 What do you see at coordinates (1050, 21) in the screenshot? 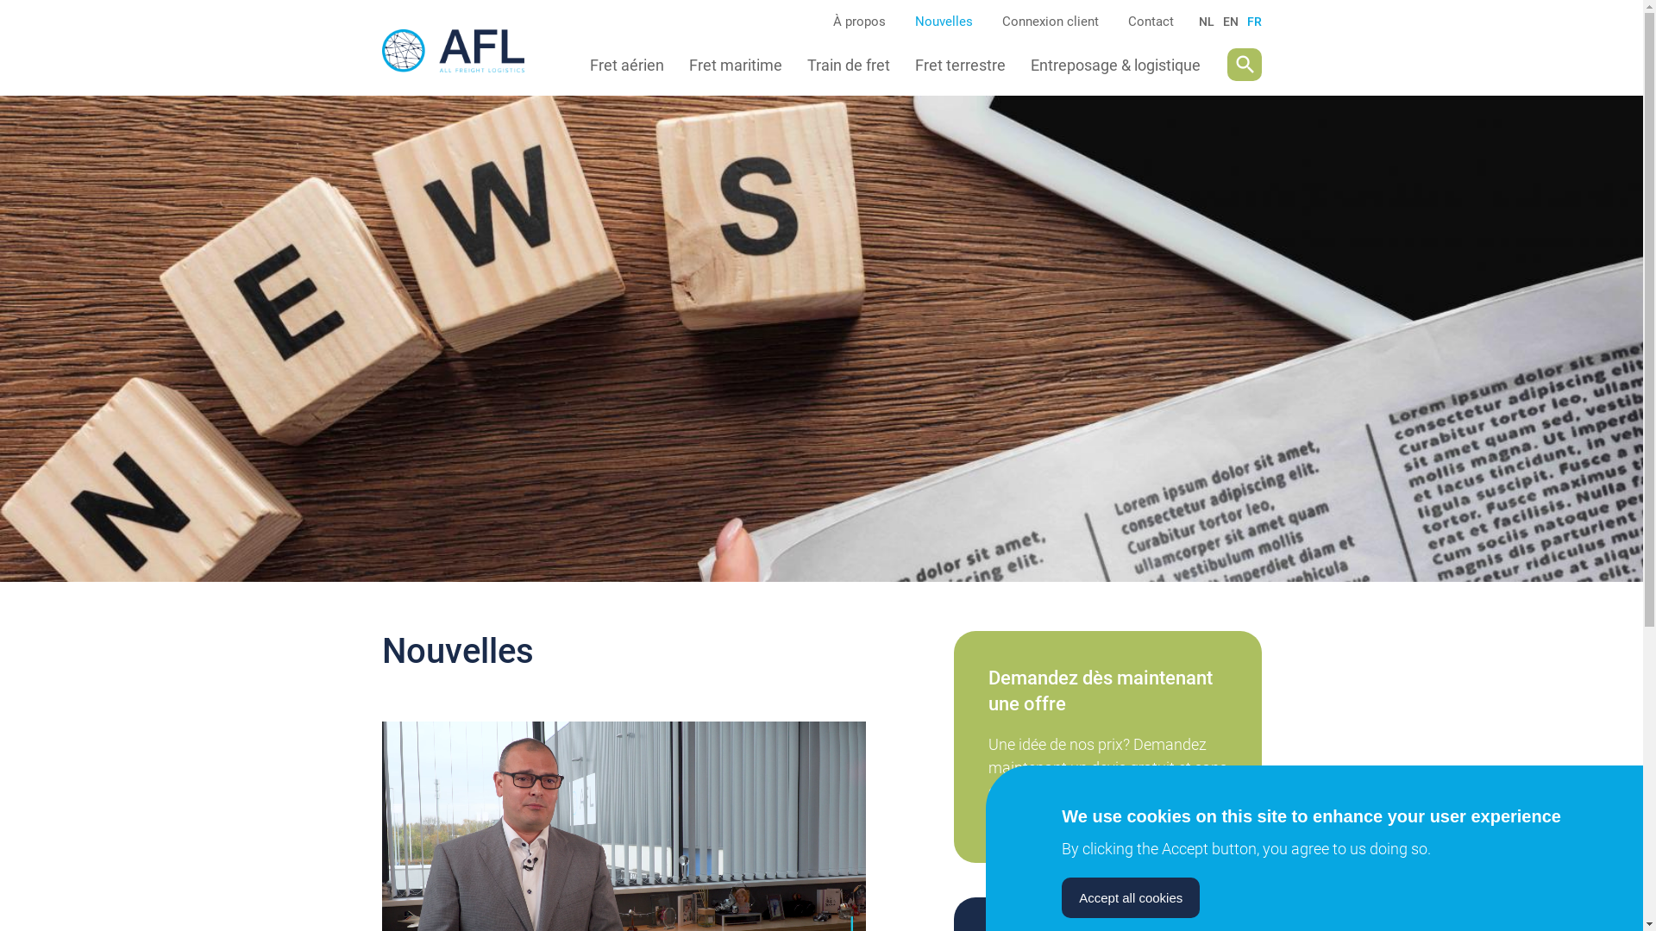
I see `'Connexion client'` at bounding box center [1050, 21].